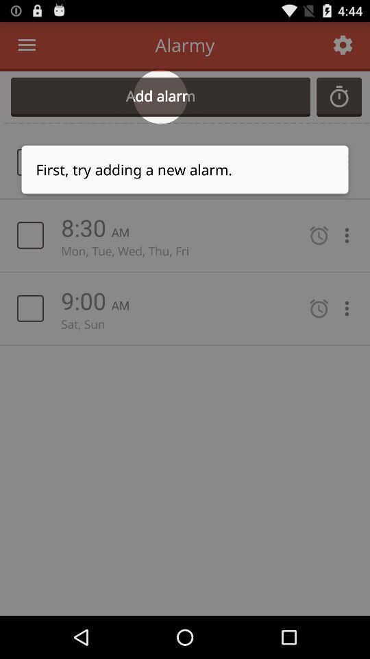 This screenshot has height=659, width=370. I want to click on the menu icon, so click(27, 48).